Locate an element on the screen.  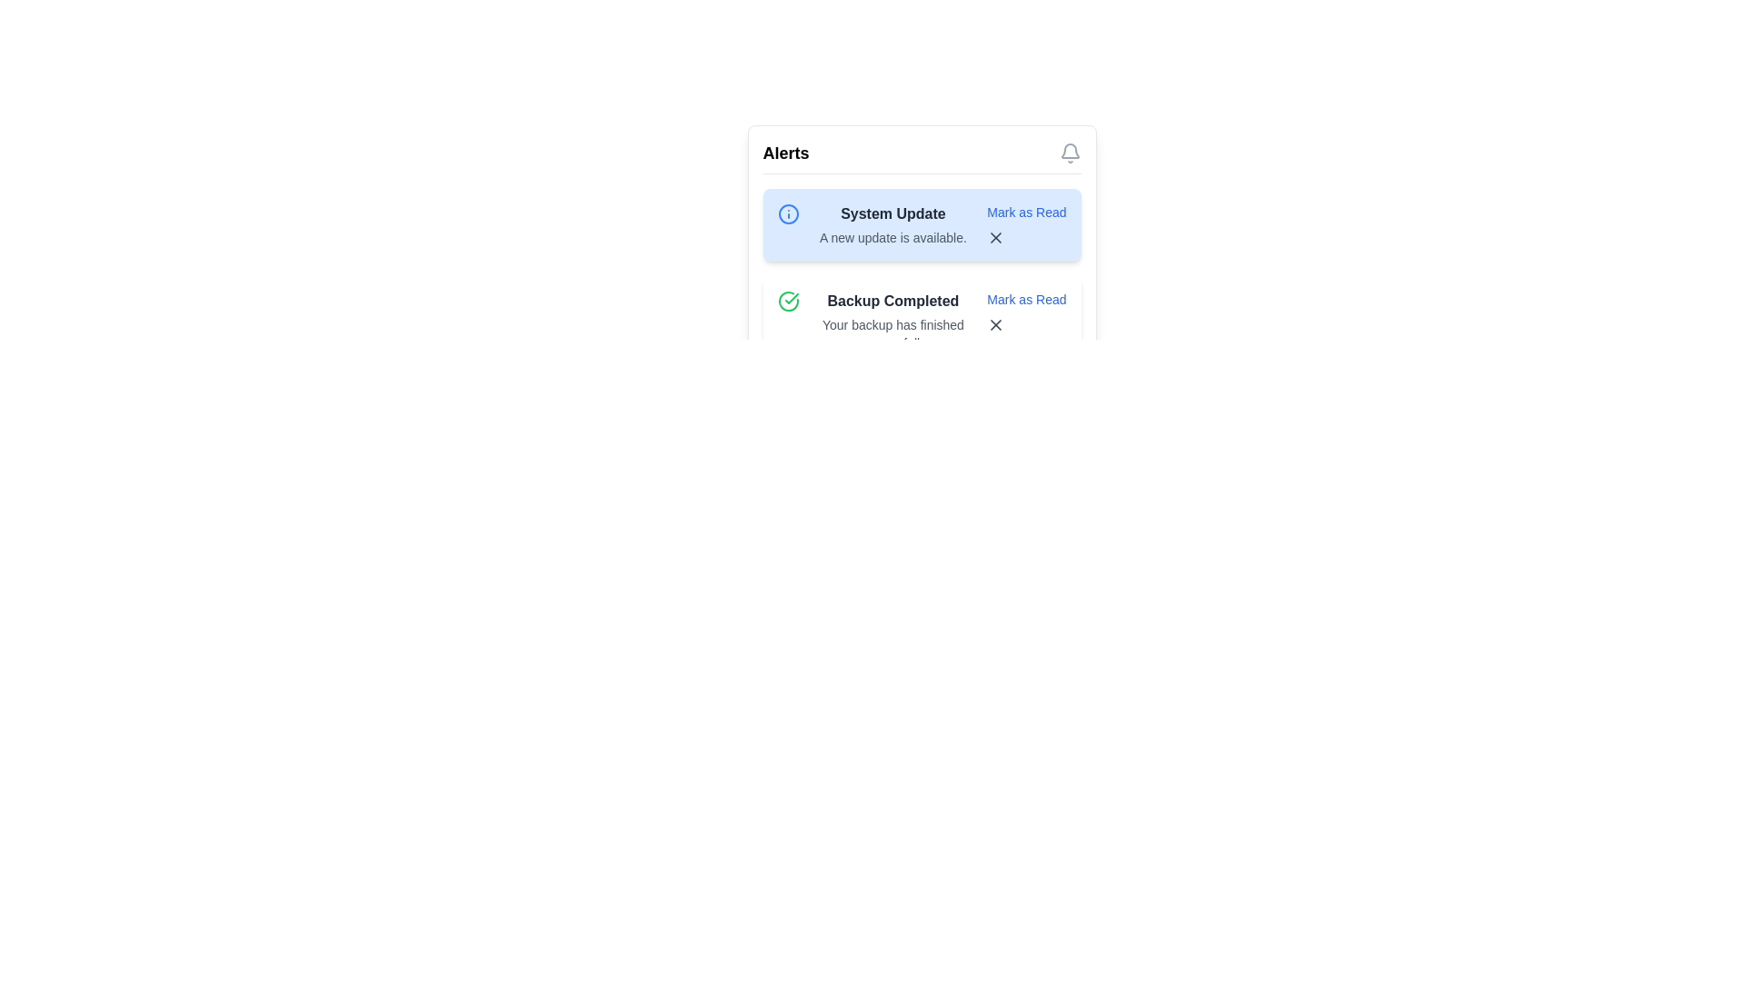
the bell notification icon located in the 'Alerts' section, directly to the right of the 'Alerts' title is located at coordinates (1070, 153).